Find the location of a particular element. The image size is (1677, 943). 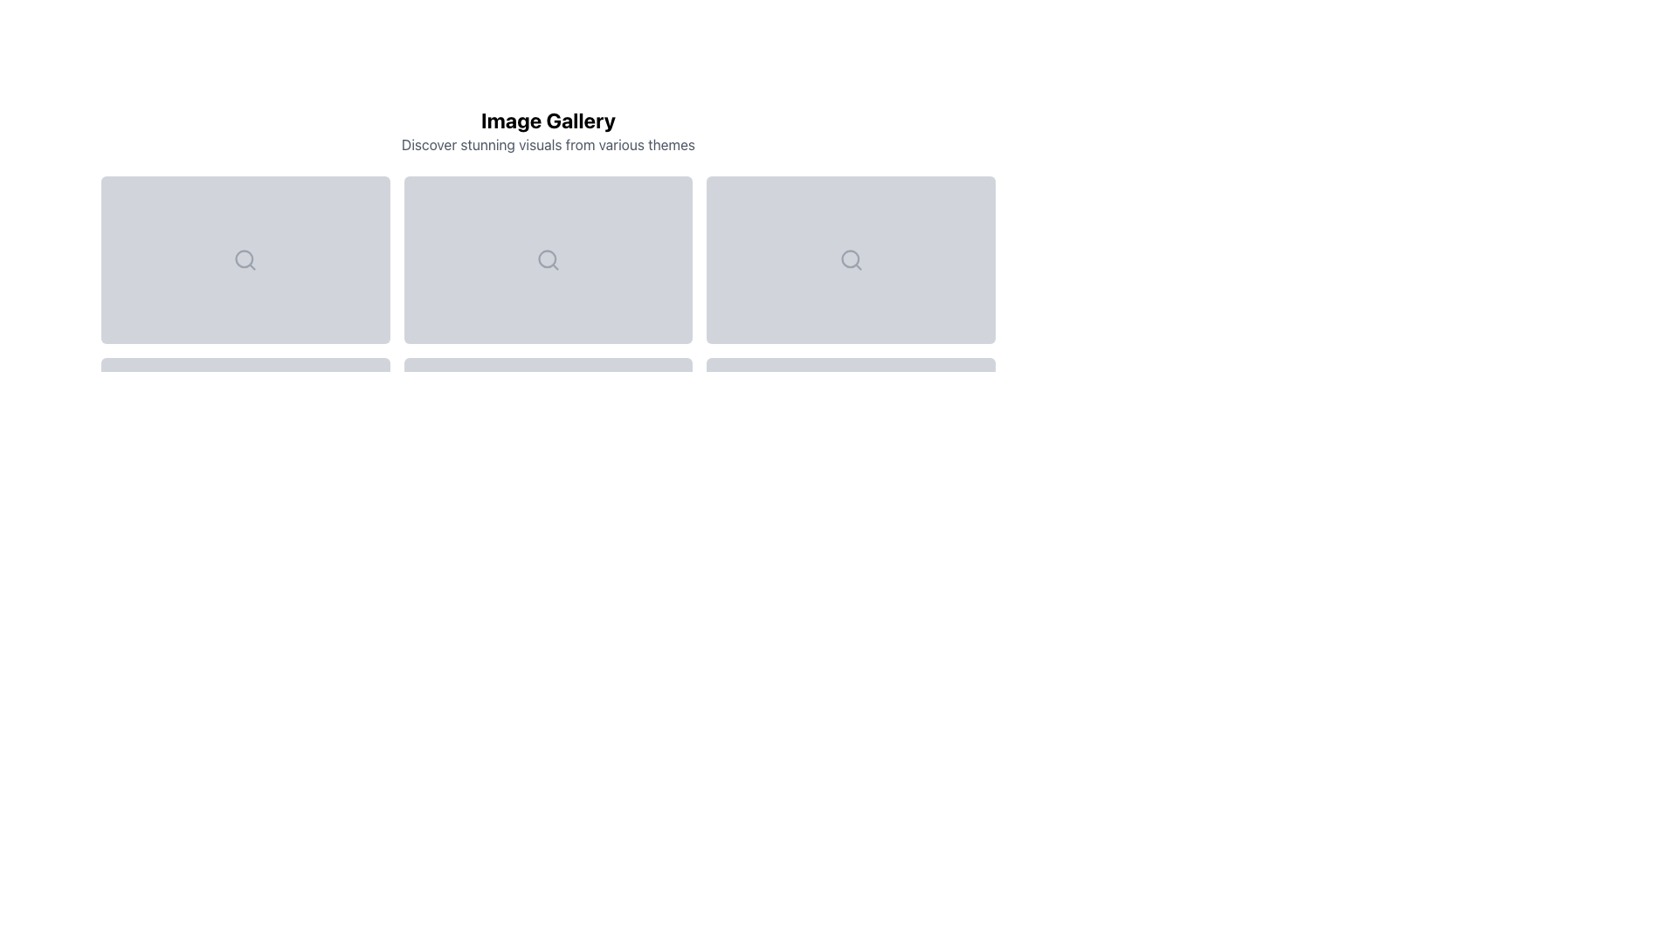

the image placeholder icon in the top left corner of the gallery is located at coordinates (245, 259).